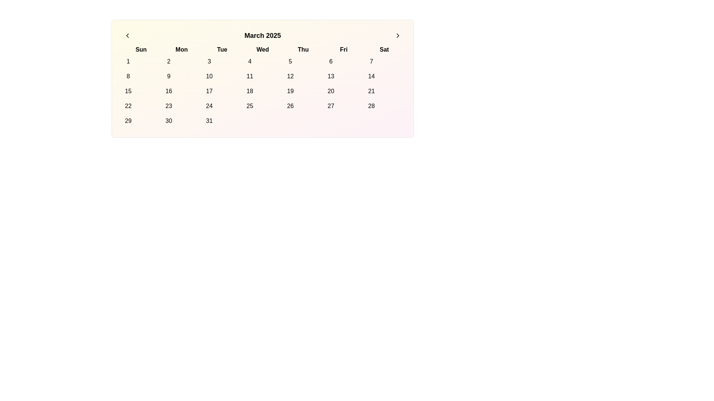 This screenshot has width=714, height=401. Describe the element at coordinates (290, 91) in the screenshot. I see `the button representing the 19th day in the calendar grid under 'Thu'` at that location.